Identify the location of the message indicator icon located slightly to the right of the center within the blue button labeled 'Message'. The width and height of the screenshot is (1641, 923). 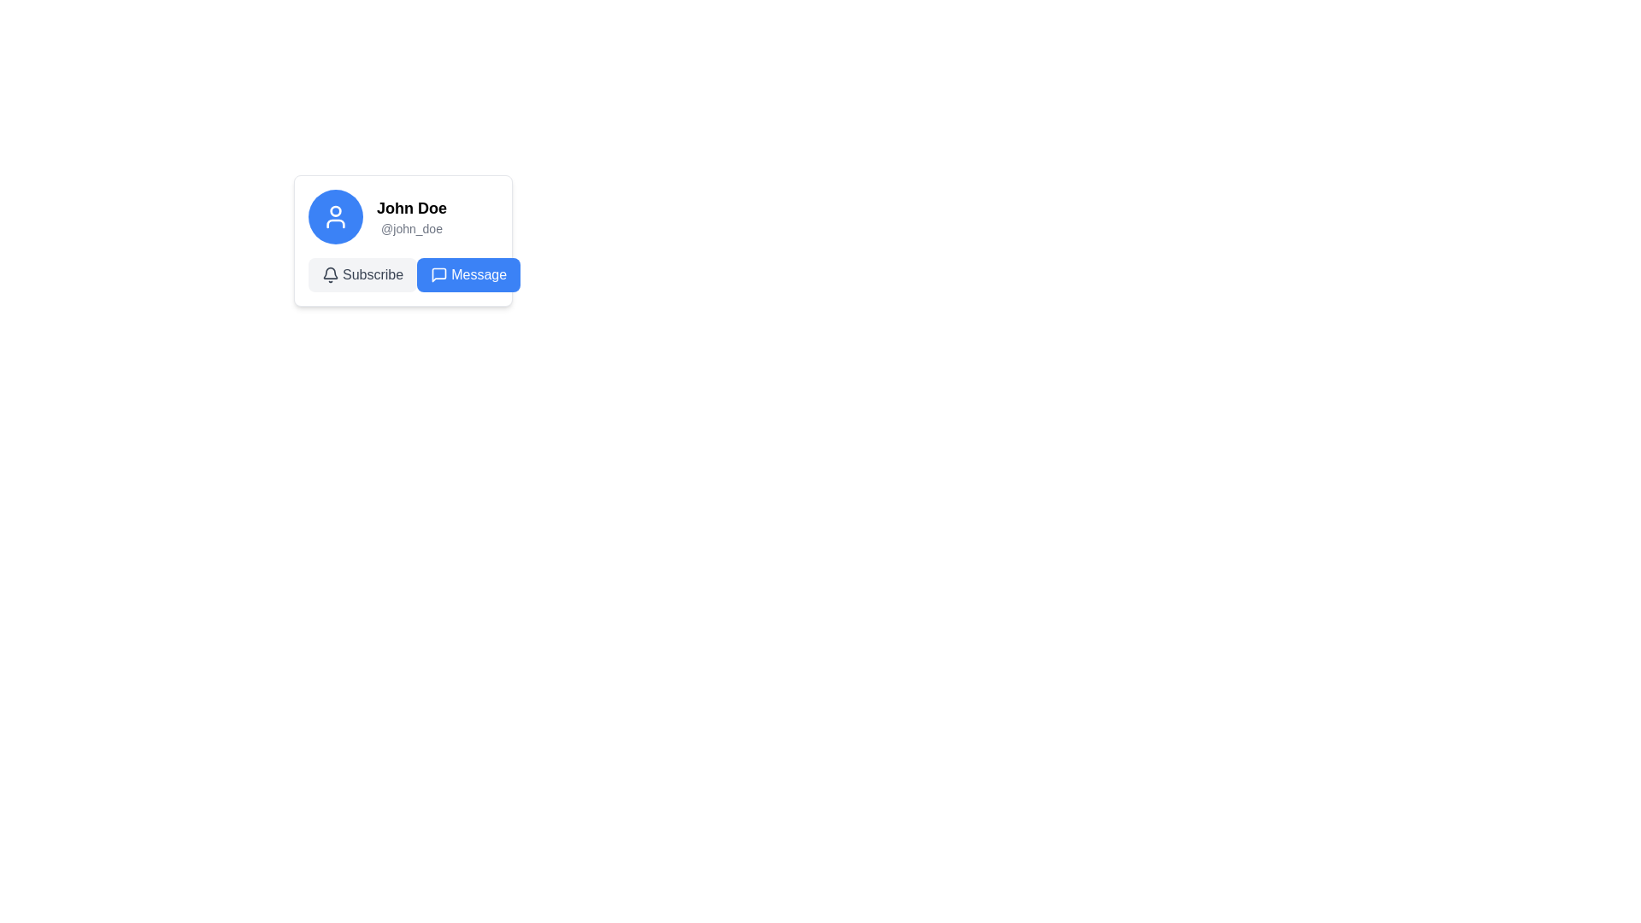
(439, 273).